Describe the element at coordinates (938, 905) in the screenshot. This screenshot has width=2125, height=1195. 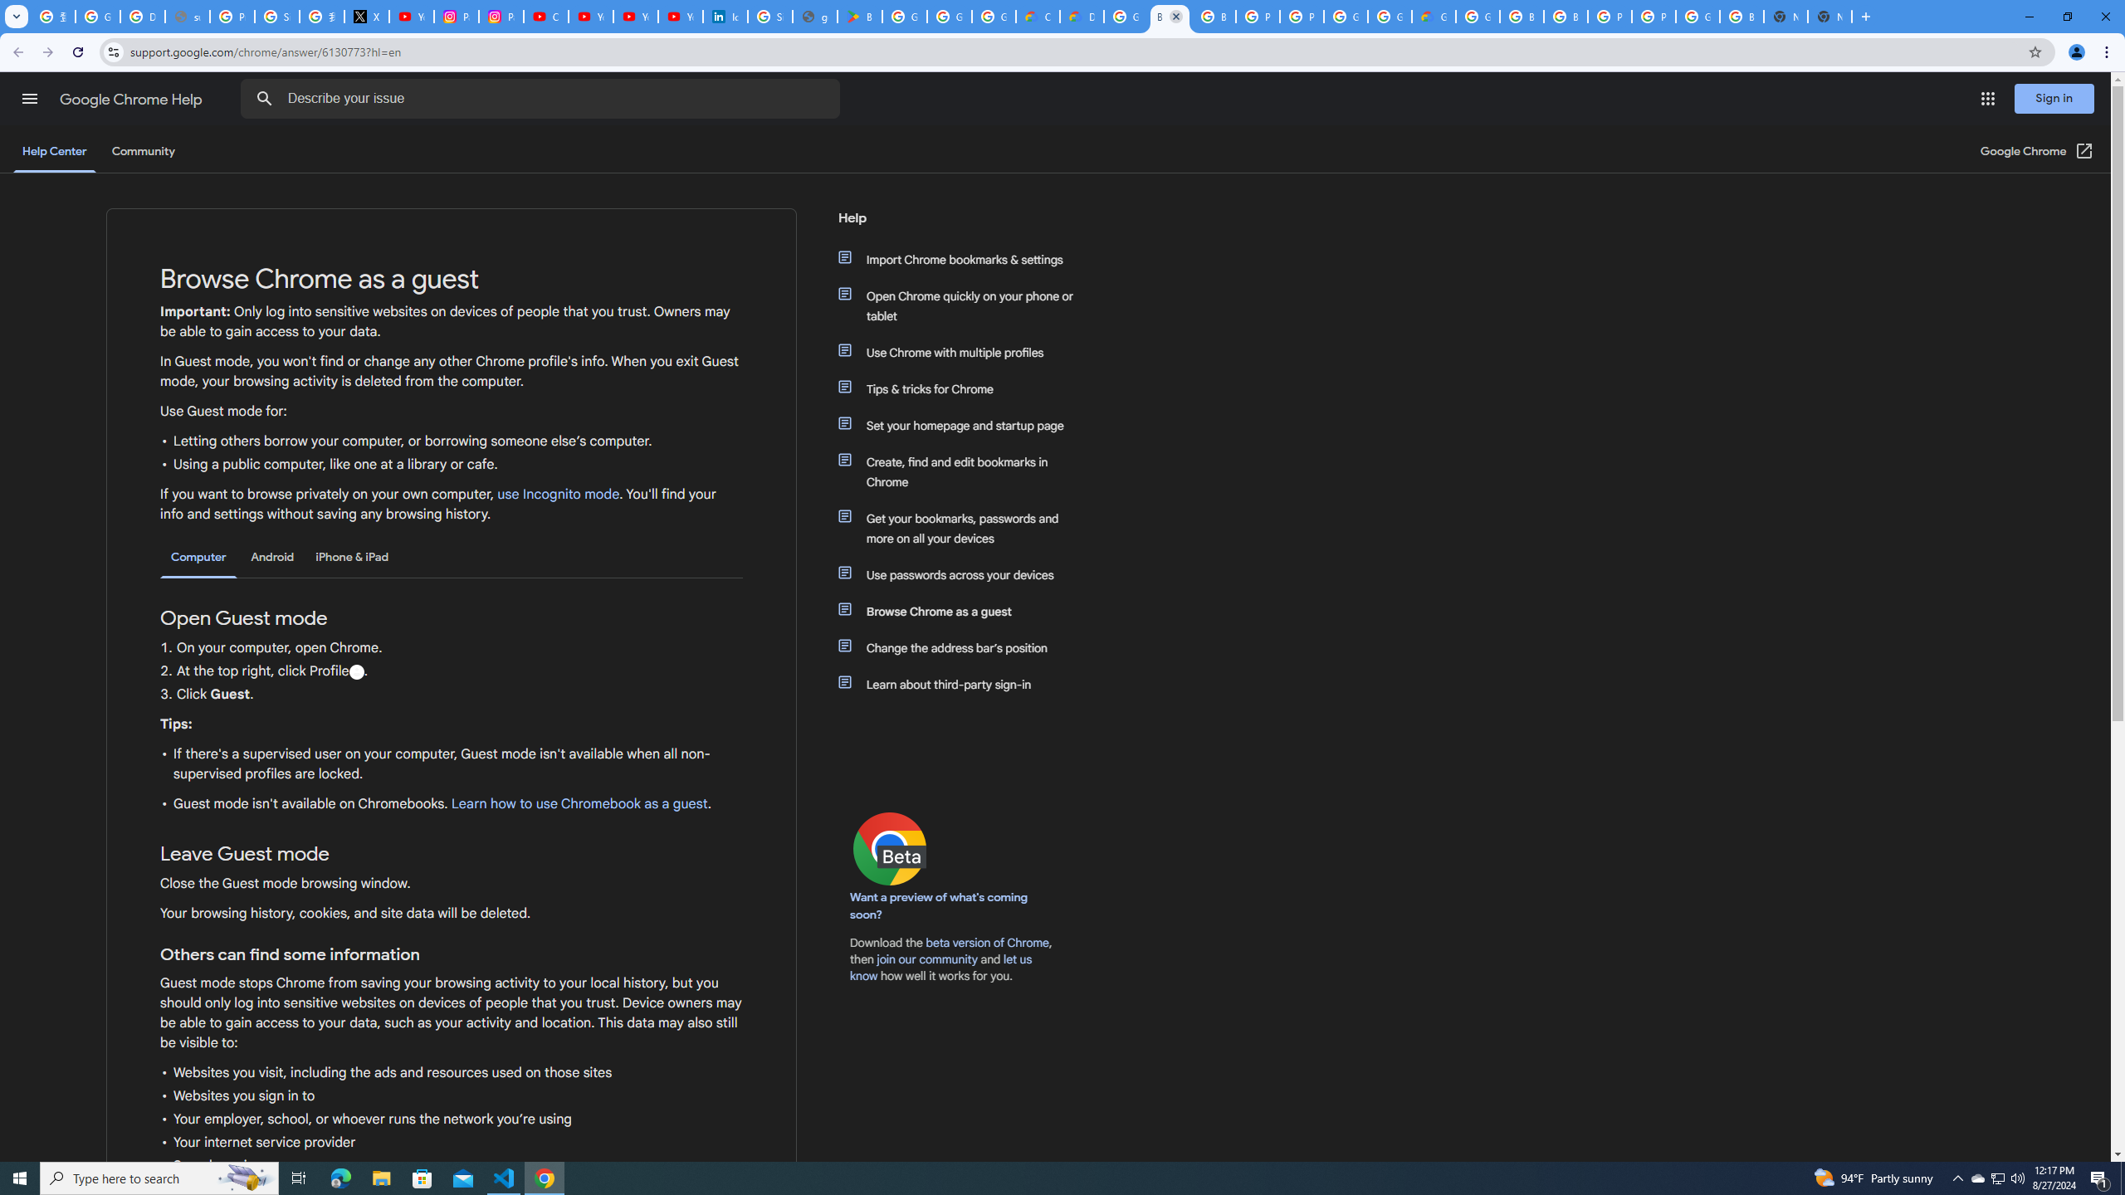
I see `'Want a preview of what'` at that location.